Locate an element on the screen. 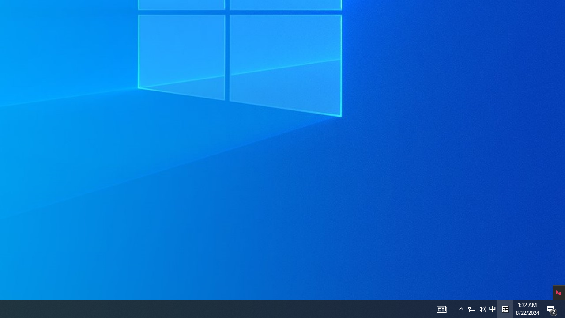 This screenshot has height=318, width=565. 'User Promoted Notification Area' is located at coordinates (441, 308).